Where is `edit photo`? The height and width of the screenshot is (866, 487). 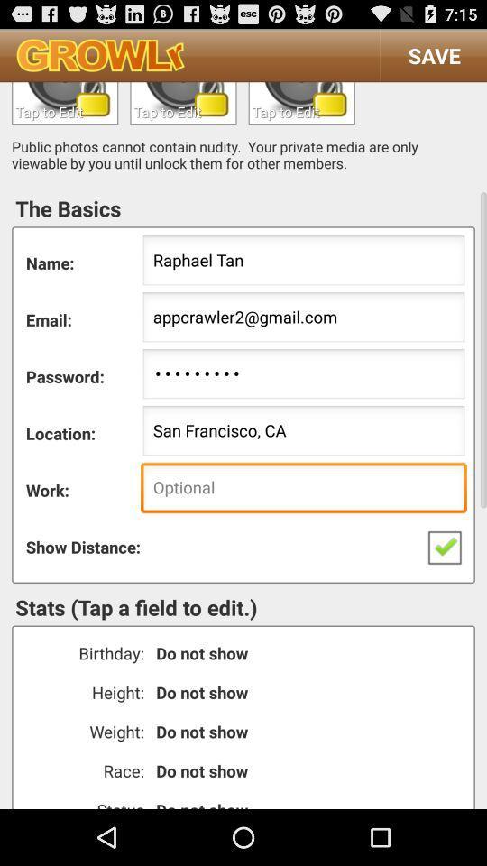
edit photo is located at coordinates (301, 103).